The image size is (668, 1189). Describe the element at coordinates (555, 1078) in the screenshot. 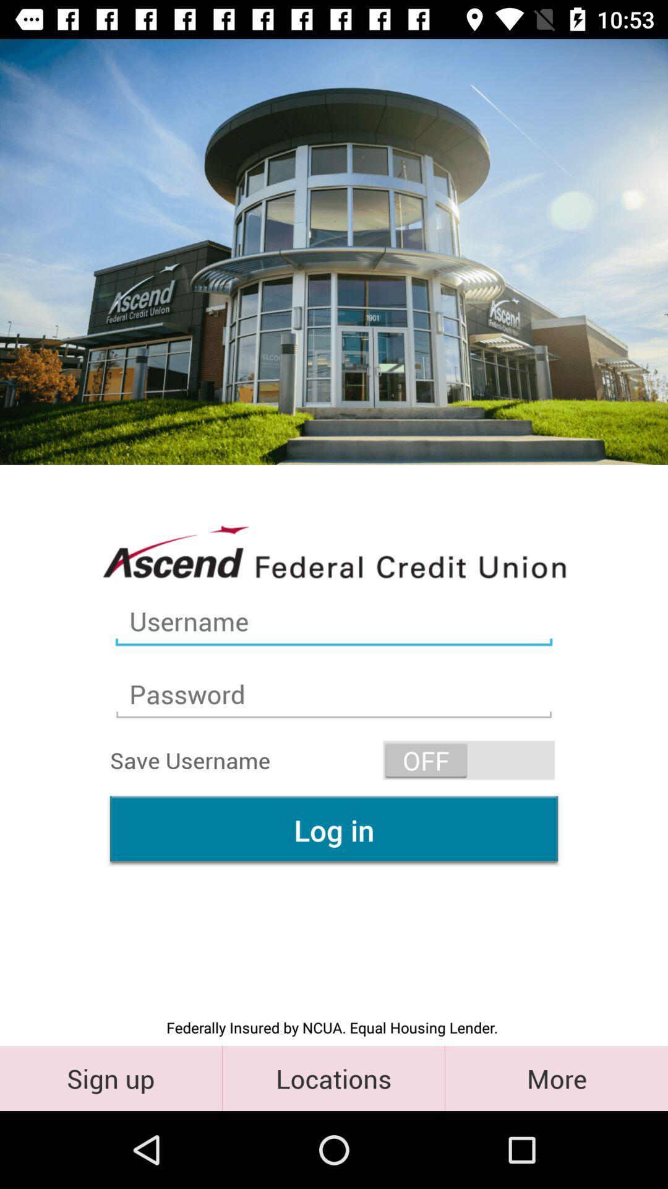

I see `the icon to the right of the locations` at that location.